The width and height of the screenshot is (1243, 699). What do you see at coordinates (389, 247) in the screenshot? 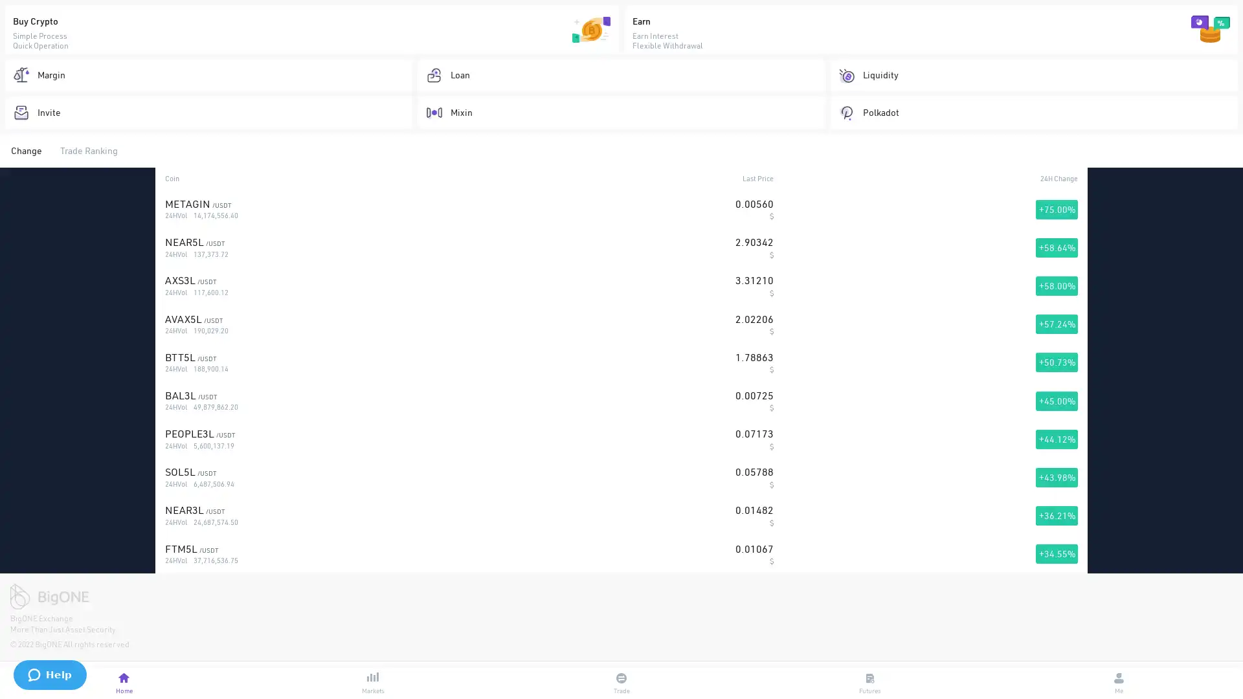
I see `Start Trading` at bounding box center [389, 247].